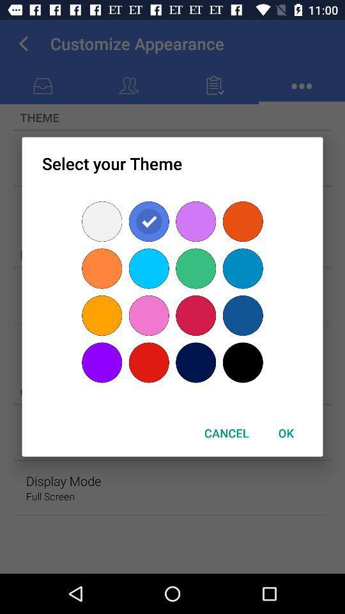 Image resolution: width=345 pixels, height=614 pixels. I want to click on the item at the bottom right corner, so click(286, 433).